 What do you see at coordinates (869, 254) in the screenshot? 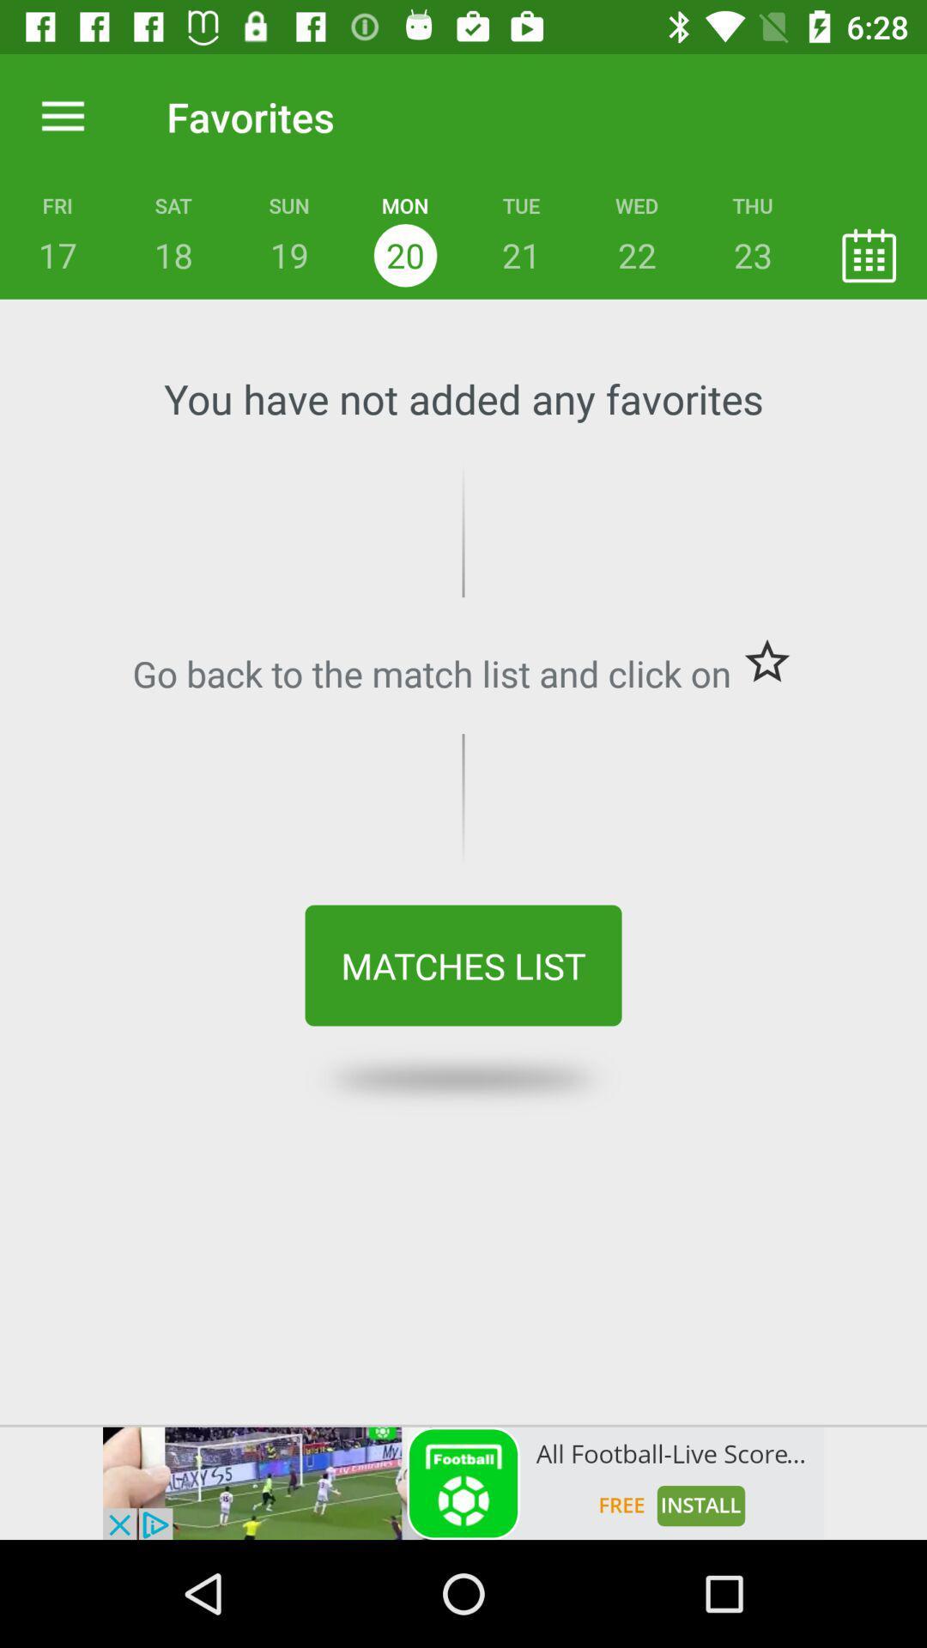
I see `the button on calendar which is right side of 23` at bounding box center [869, 254].